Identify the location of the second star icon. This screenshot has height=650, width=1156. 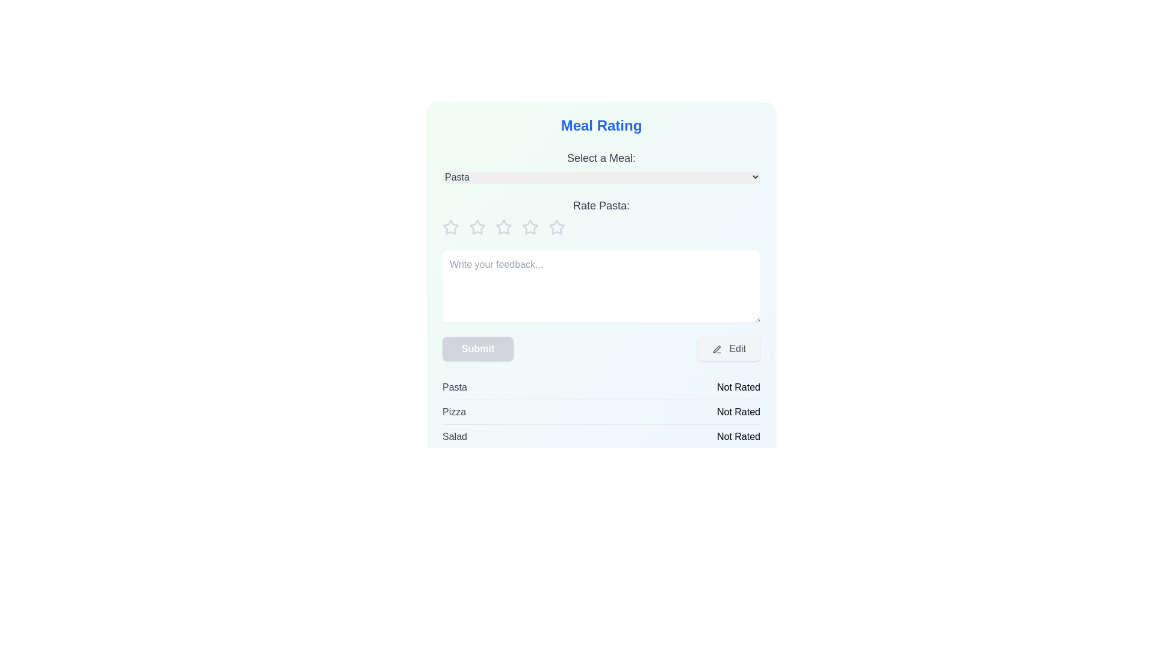
(530, 227).